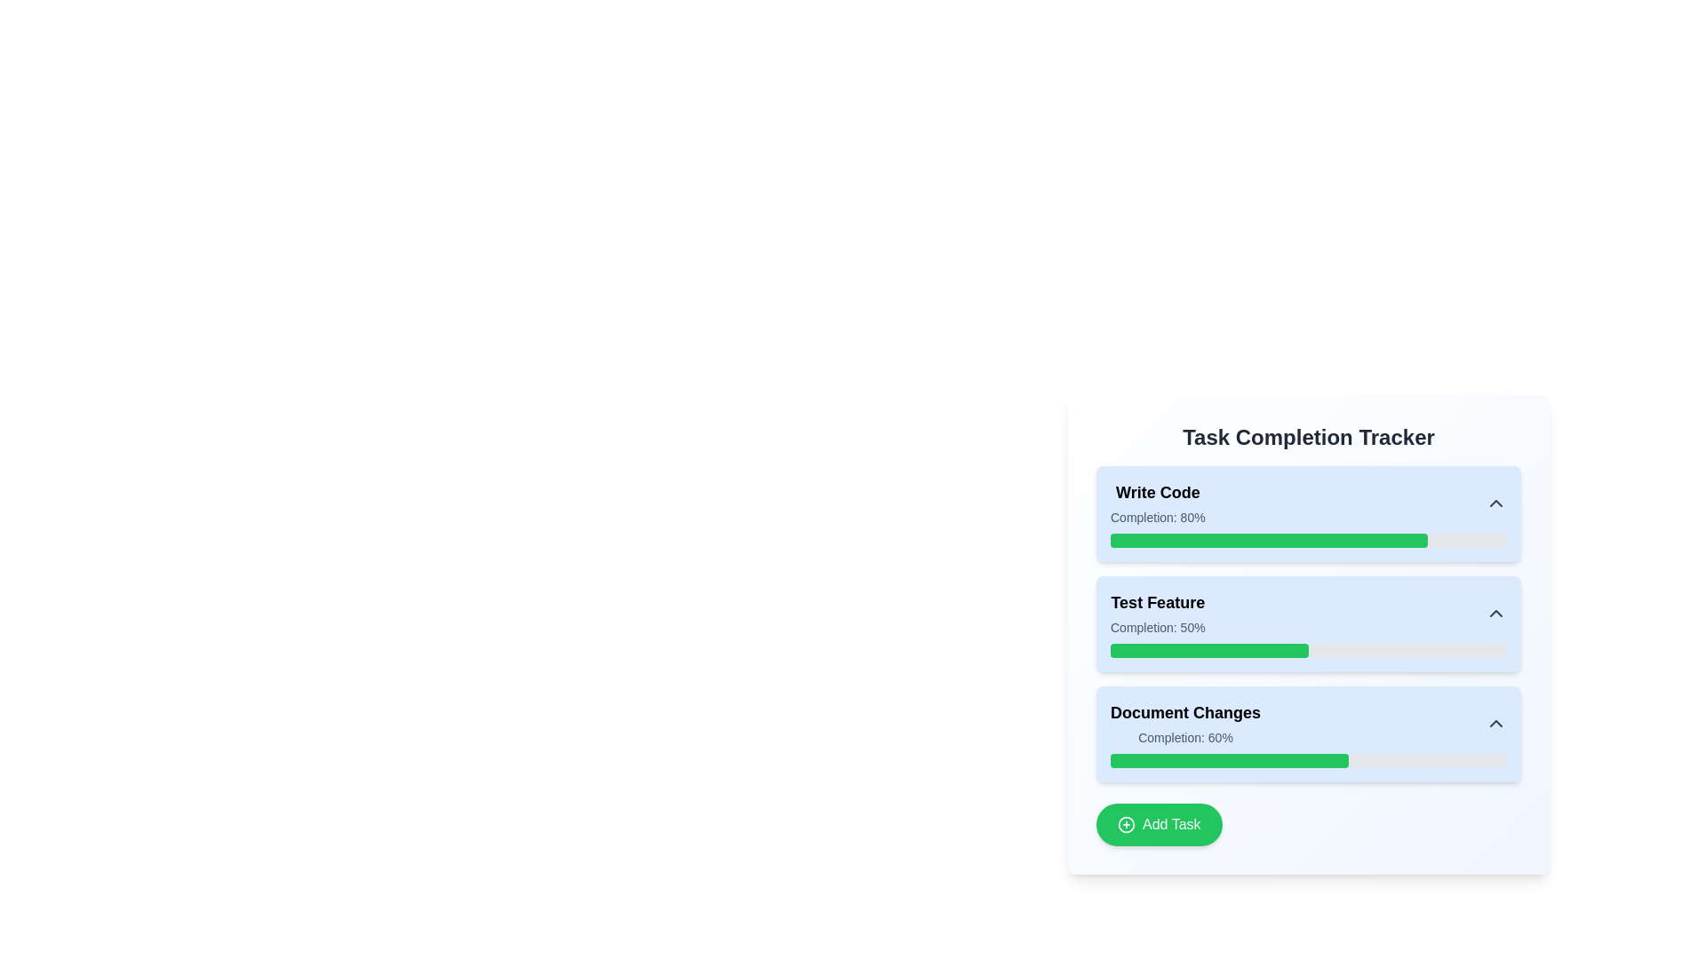 The width and height of the screenshot is (1706, 959). I want to click on the task labeled 'Test Feature' within the 'Task Completion Tracker', so click(1309, 612).